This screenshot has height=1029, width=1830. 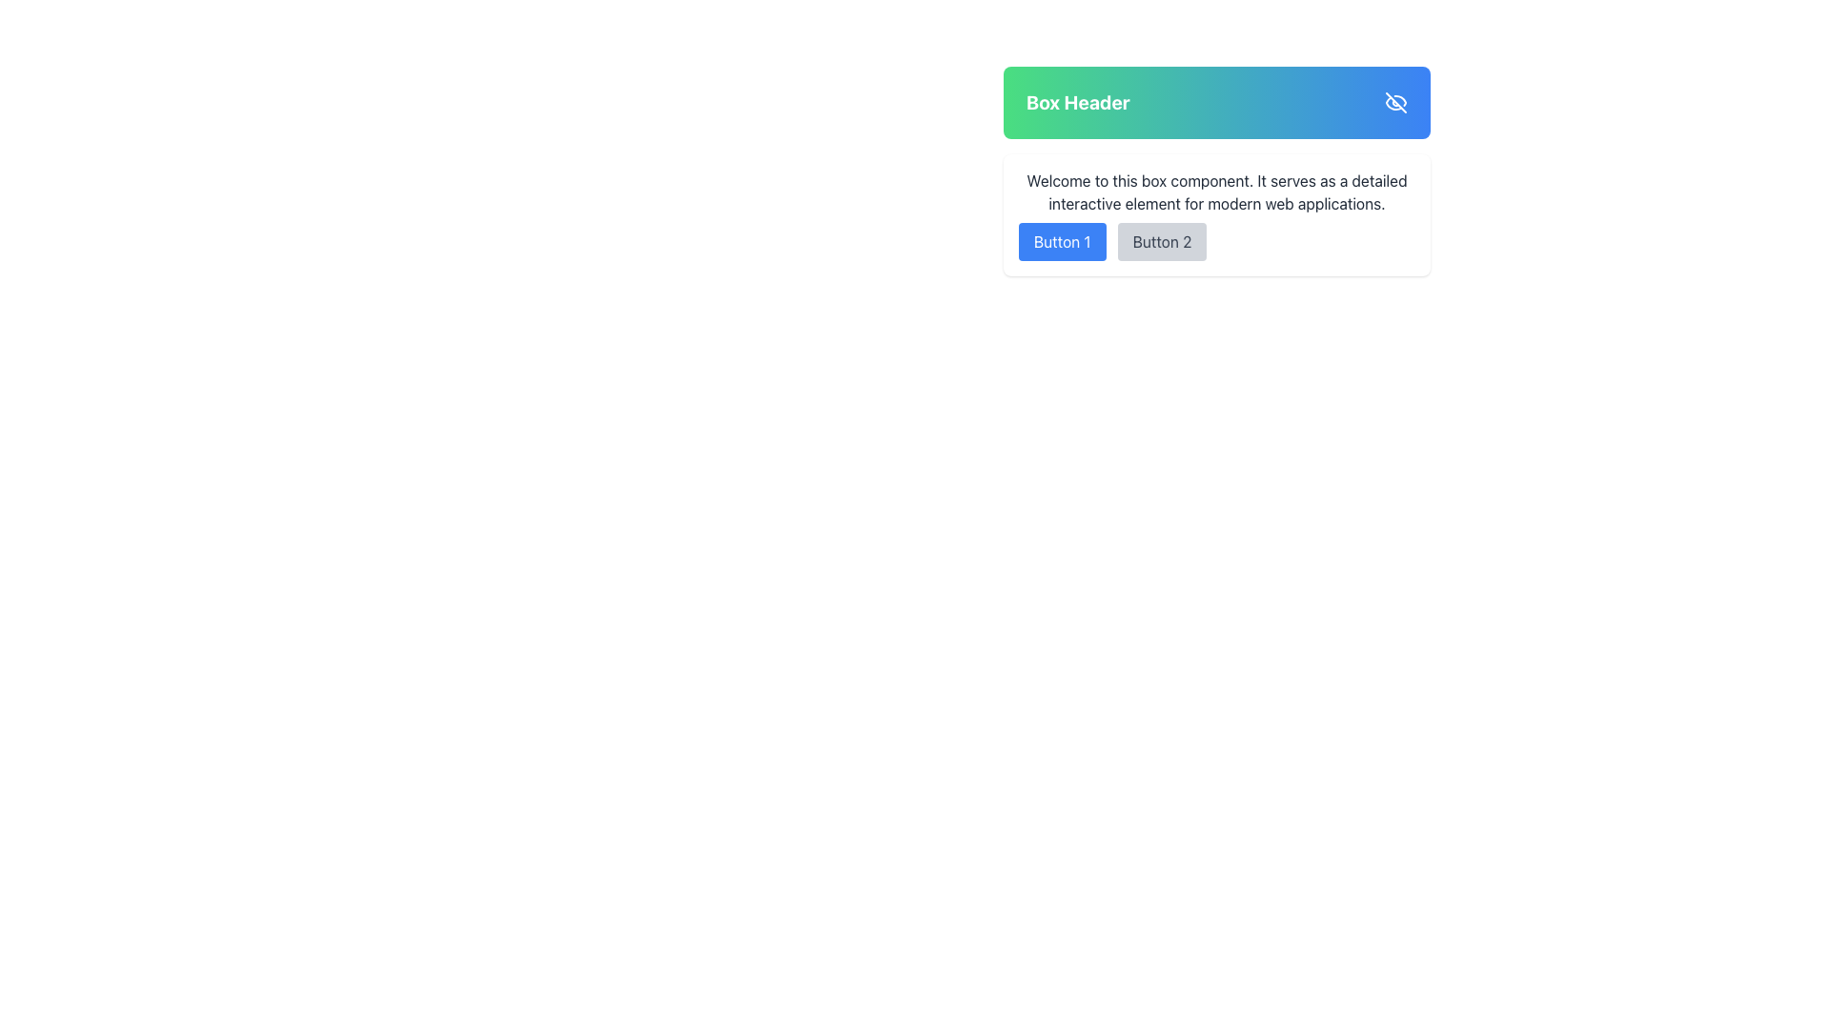 I want to click on the Header Component which serves as a title bar above the content and buttons, so click(x=1215, y=103).